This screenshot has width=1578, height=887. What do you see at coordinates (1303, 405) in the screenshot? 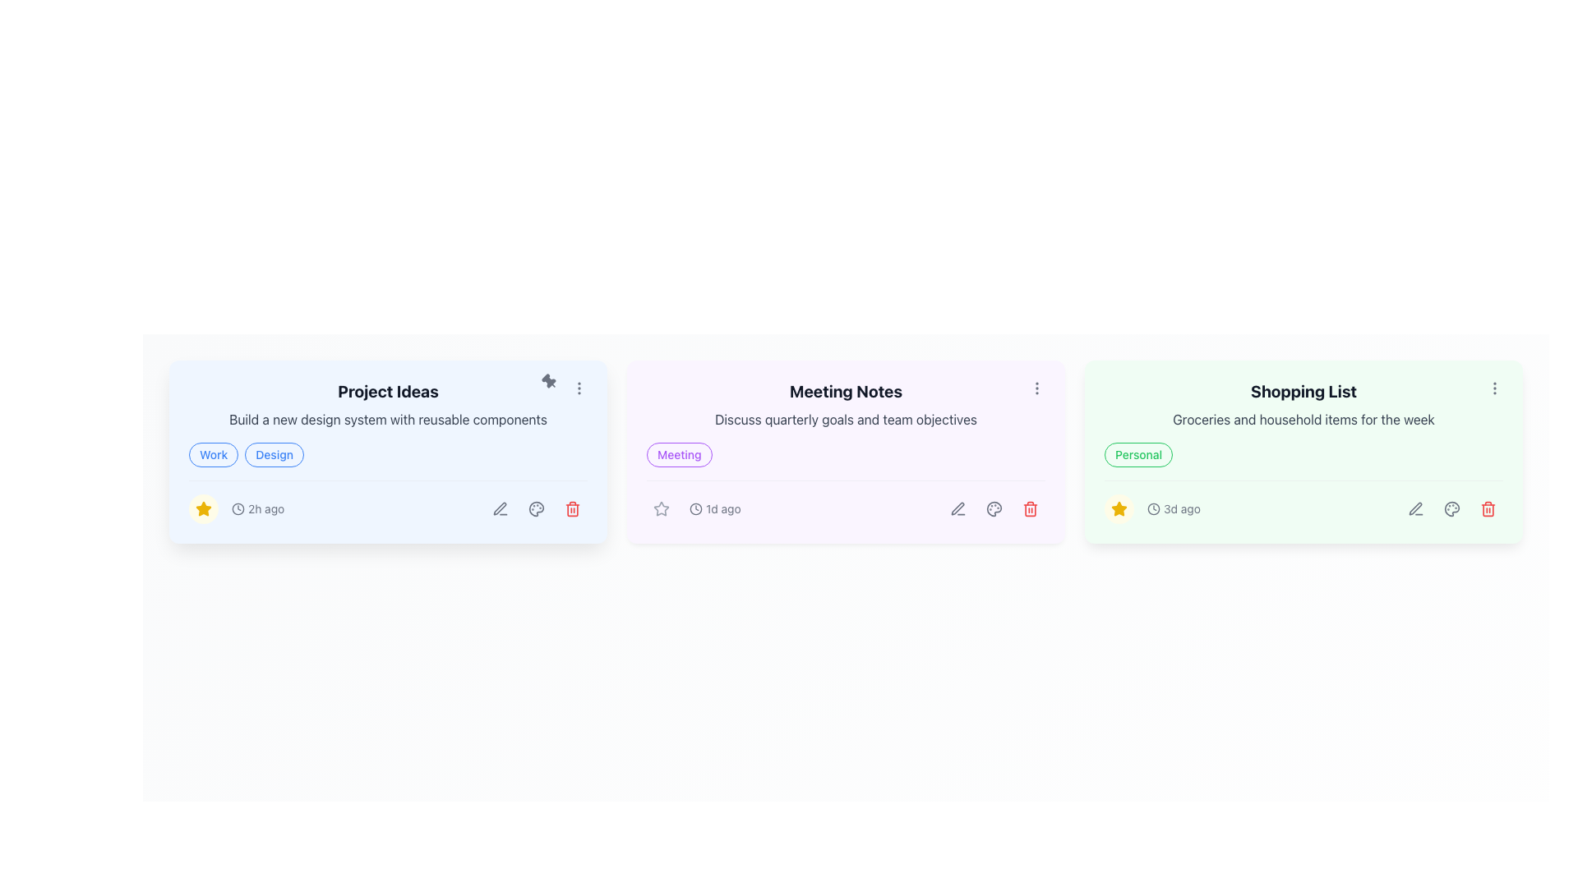
I see `the text block component located in the upper part of the third card from the left, which provides context about the shopping list` at bounding box center [1303, 405].